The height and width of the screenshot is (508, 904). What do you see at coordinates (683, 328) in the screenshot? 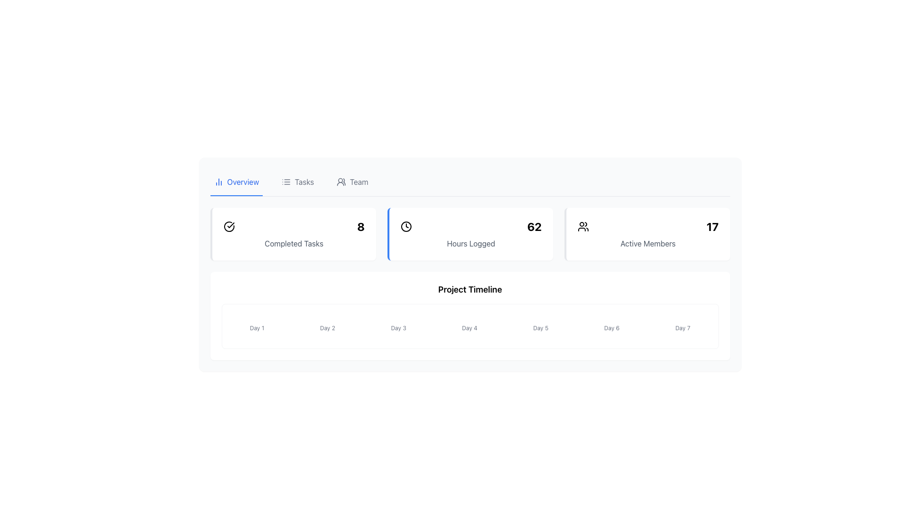
I see `text label displaying 'Day 7', which is styled in gray and located below a vertical blue line in the 'Project Timeline' section` at bounding box center [683, 328].